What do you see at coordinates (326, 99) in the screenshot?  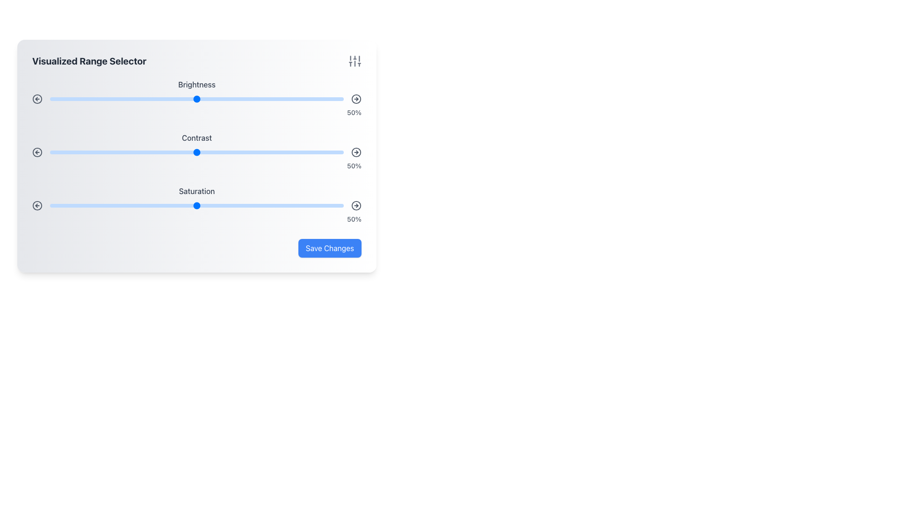 I see `the brightness` at bounding box center [326, 99].